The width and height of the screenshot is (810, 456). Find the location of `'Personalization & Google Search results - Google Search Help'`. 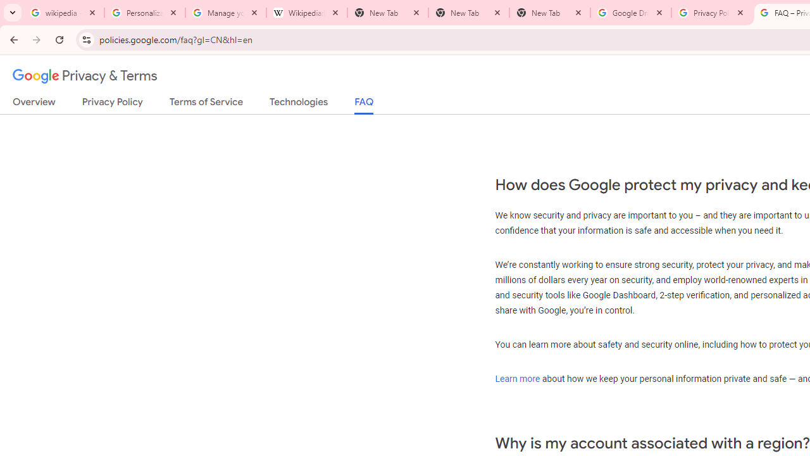

'Personalization & Google Search results - Google Search Help' is located at coordinates (145, 13).